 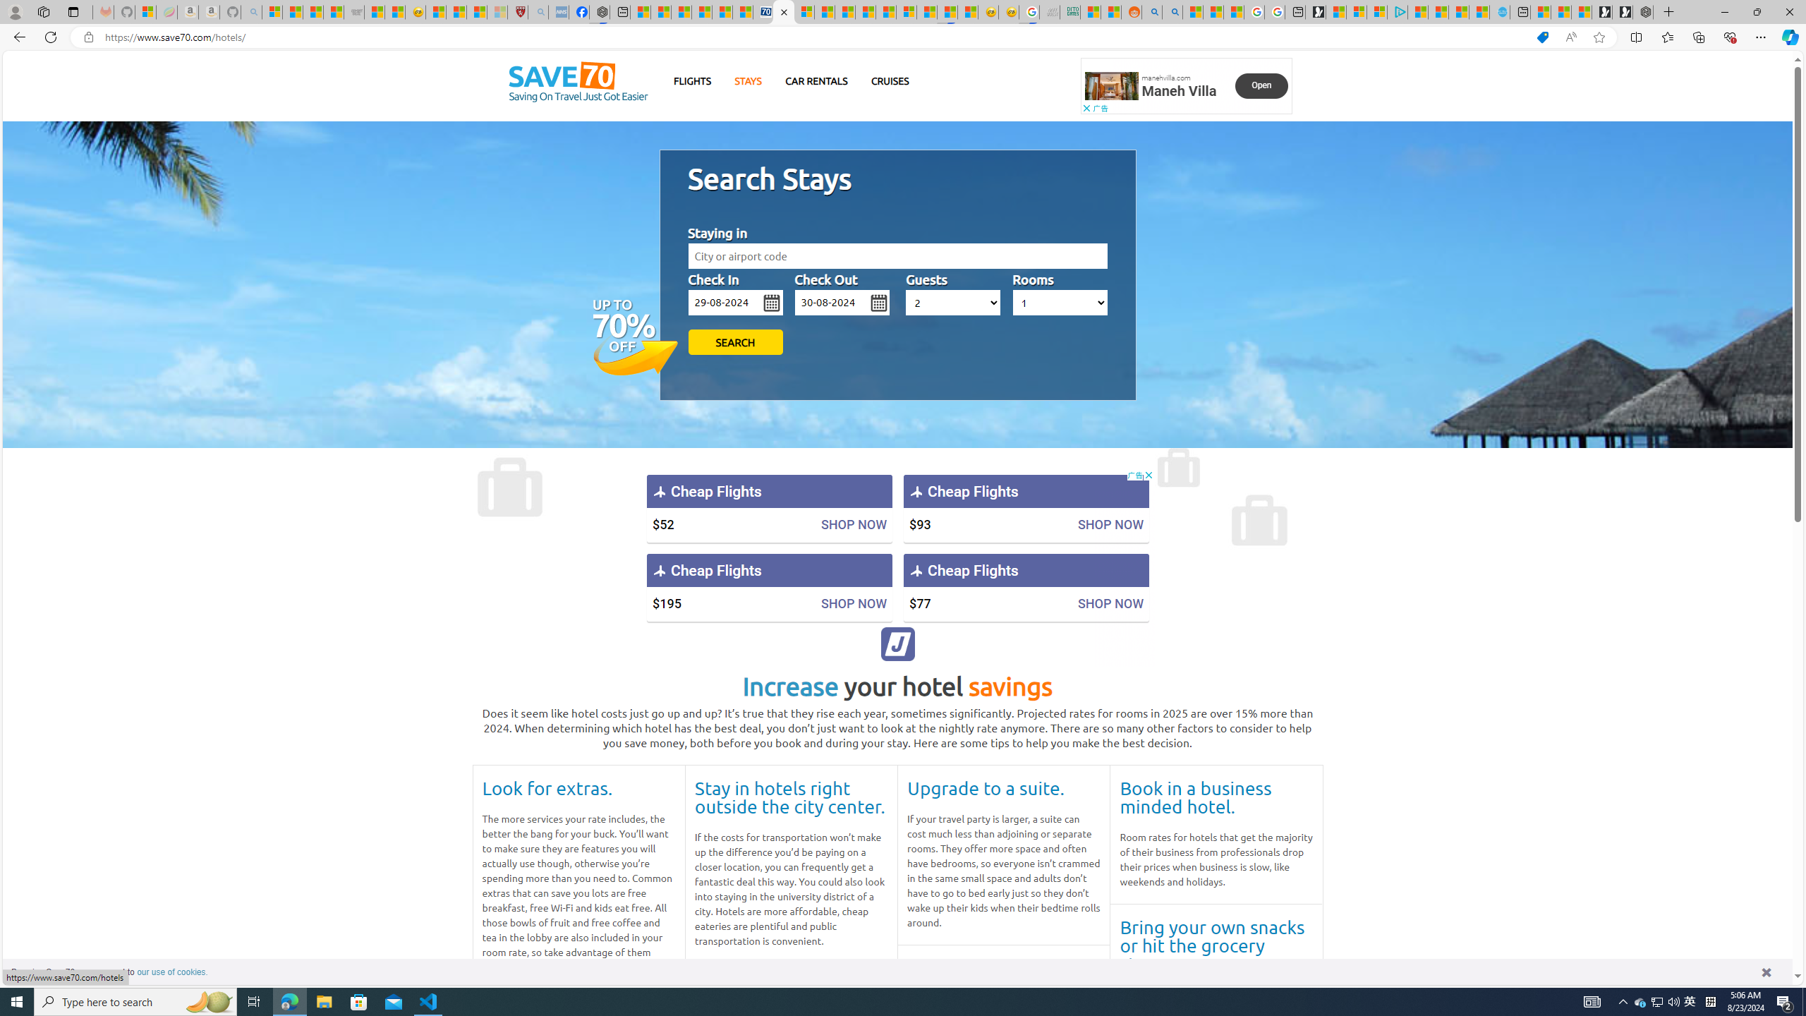 What do you see at coordinates (816, 80) in the screenshot?
I see `'CAR RENTALS'` at bounding box center [816, 80].